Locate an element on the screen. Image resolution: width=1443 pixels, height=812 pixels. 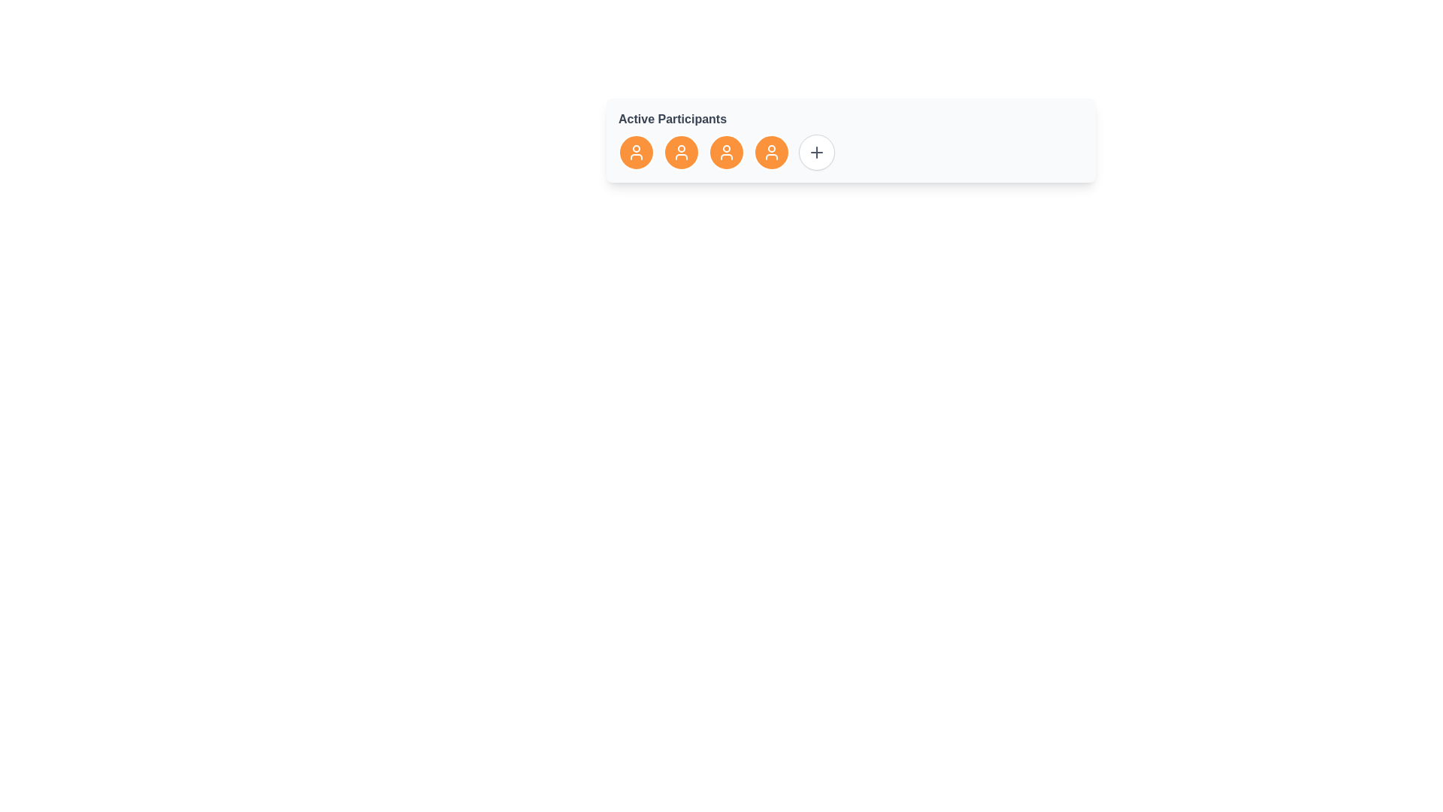
the 'Active Participants' text displayed in bold dark-gray font at the top-left corner of its containing card is located at coordinates (672, 118).